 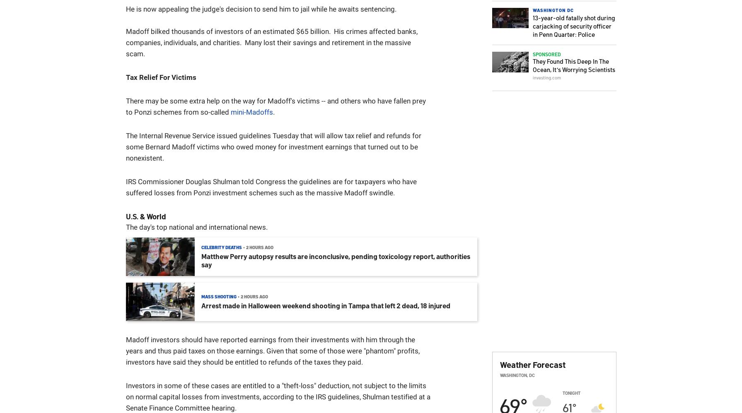 I want to click on 'Madoff investors should have reported earnings from their investments with him through the years and thus paid taxes on those earnings. Given that some of those were "phantom" profits, investors have said they should be entitled to refunds of the taxes they paid.', so click(x=272, y=351).